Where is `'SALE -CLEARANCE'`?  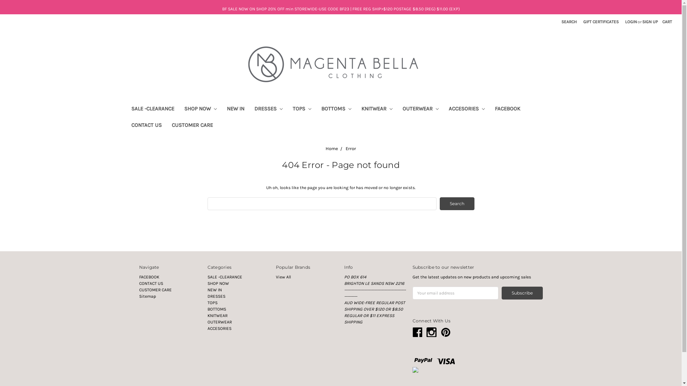 'SALE -CLEARANCE' is located at coordinates (126, 110).